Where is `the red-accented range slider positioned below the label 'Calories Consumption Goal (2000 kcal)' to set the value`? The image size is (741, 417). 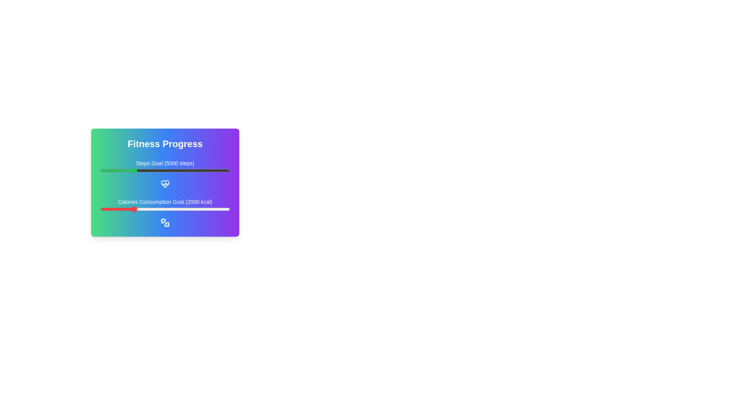
the red-accented range slider positioned below the label 'Calories Consumption Goal (2000 kcal)' to set the value is located at coordinates (164, 209).